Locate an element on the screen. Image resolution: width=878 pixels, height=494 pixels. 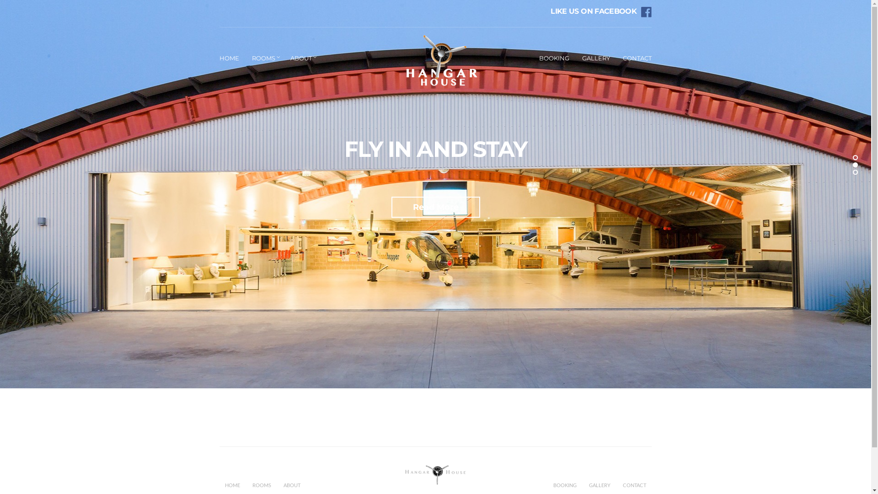
'ABOUT' is located at coordinates (291, 486).